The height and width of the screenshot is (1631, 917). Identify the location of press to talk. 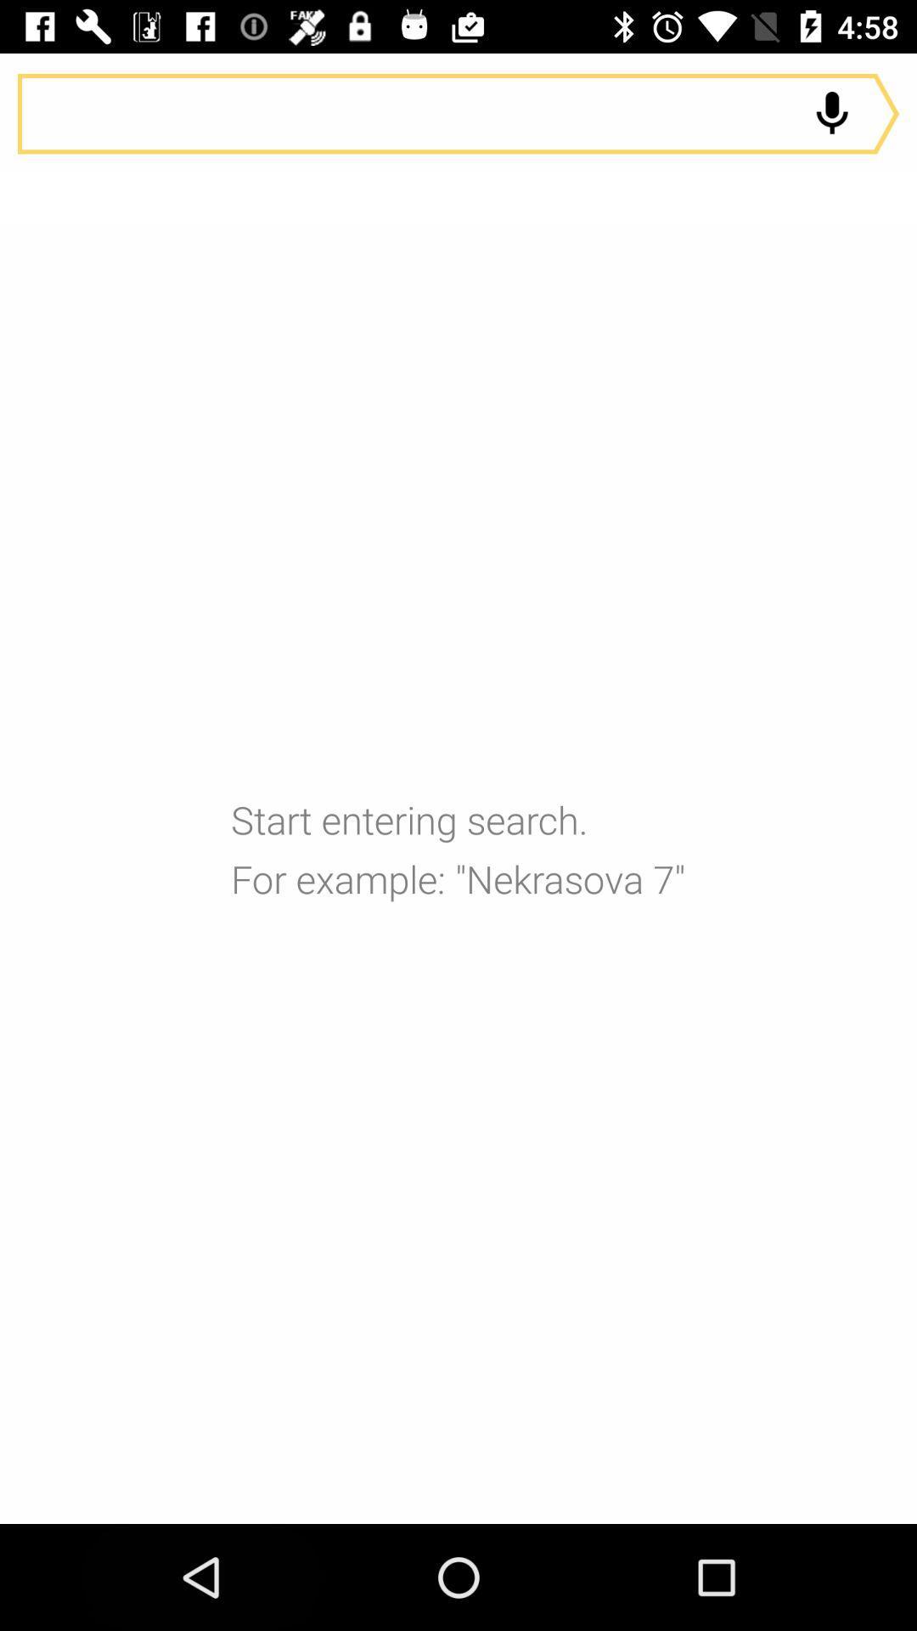
(831, 113).